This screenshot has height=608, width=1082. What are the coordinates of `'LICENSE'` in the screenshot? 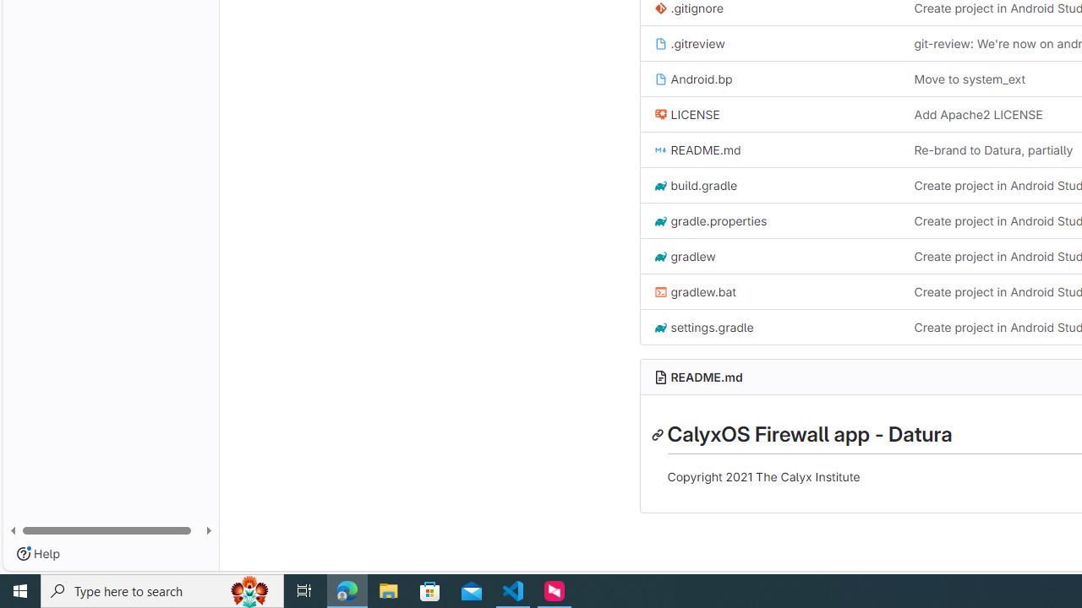 It's located at (686, 114).